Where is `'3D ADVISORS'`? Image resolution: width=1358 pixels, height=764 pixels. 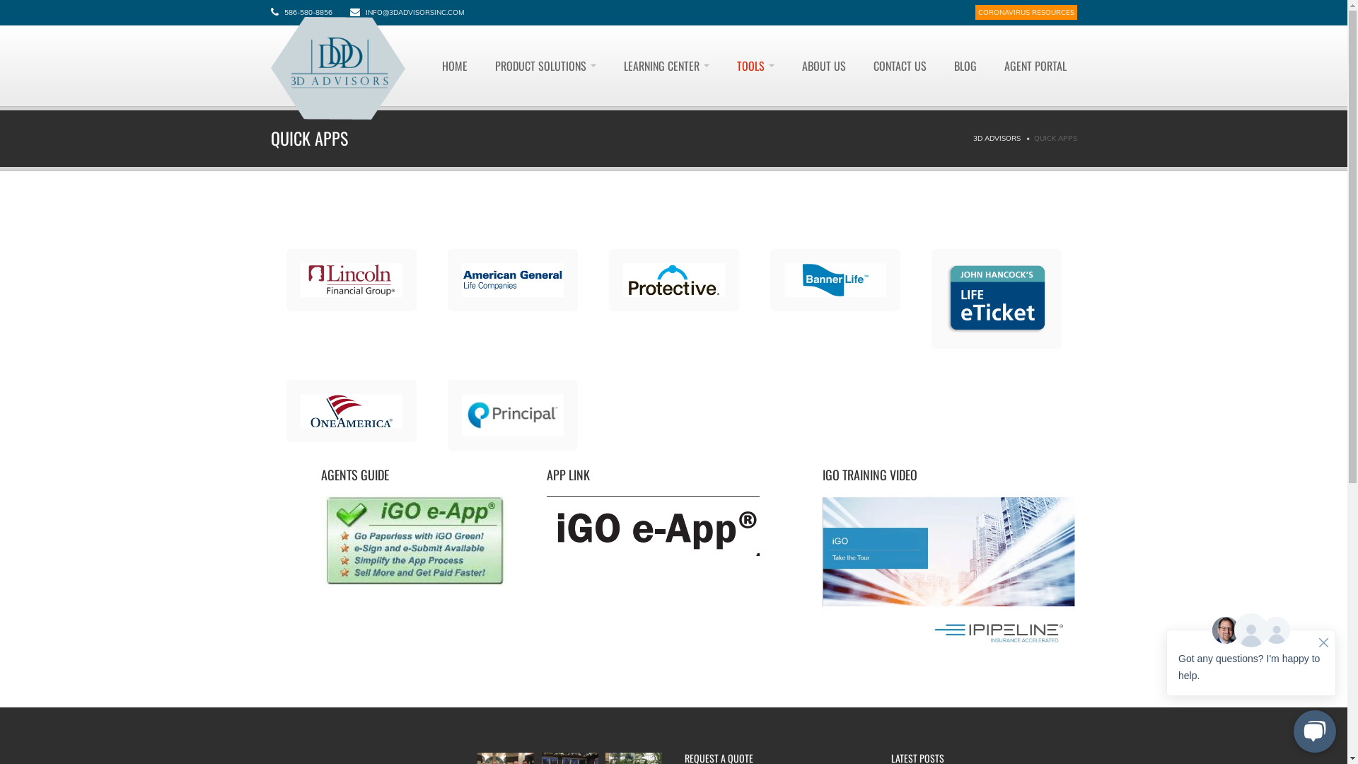 '3D ADVISORS' is located at coordinates (996, 138).